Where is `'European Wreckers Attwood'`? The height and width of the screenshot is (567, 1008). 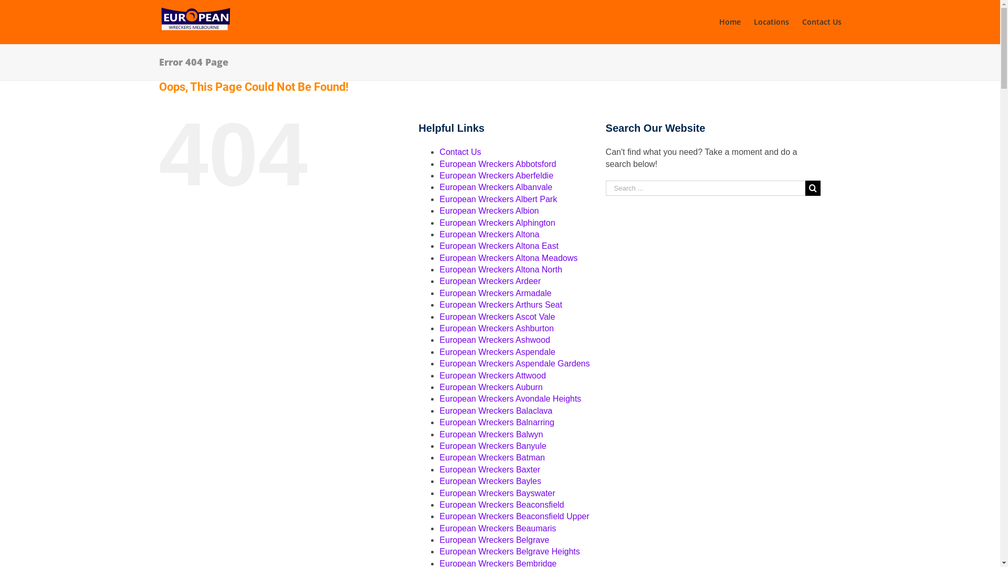 'European Wreckers Attwood' is located at coordinates (491, 375).